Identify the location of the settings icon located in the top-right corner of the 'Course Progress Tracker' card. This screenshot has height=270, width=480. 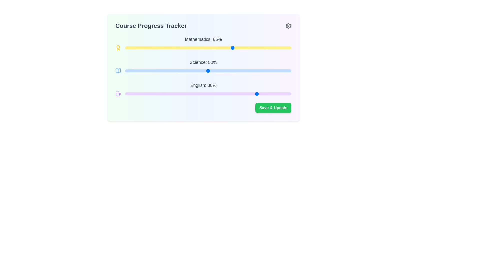
(288, 26).